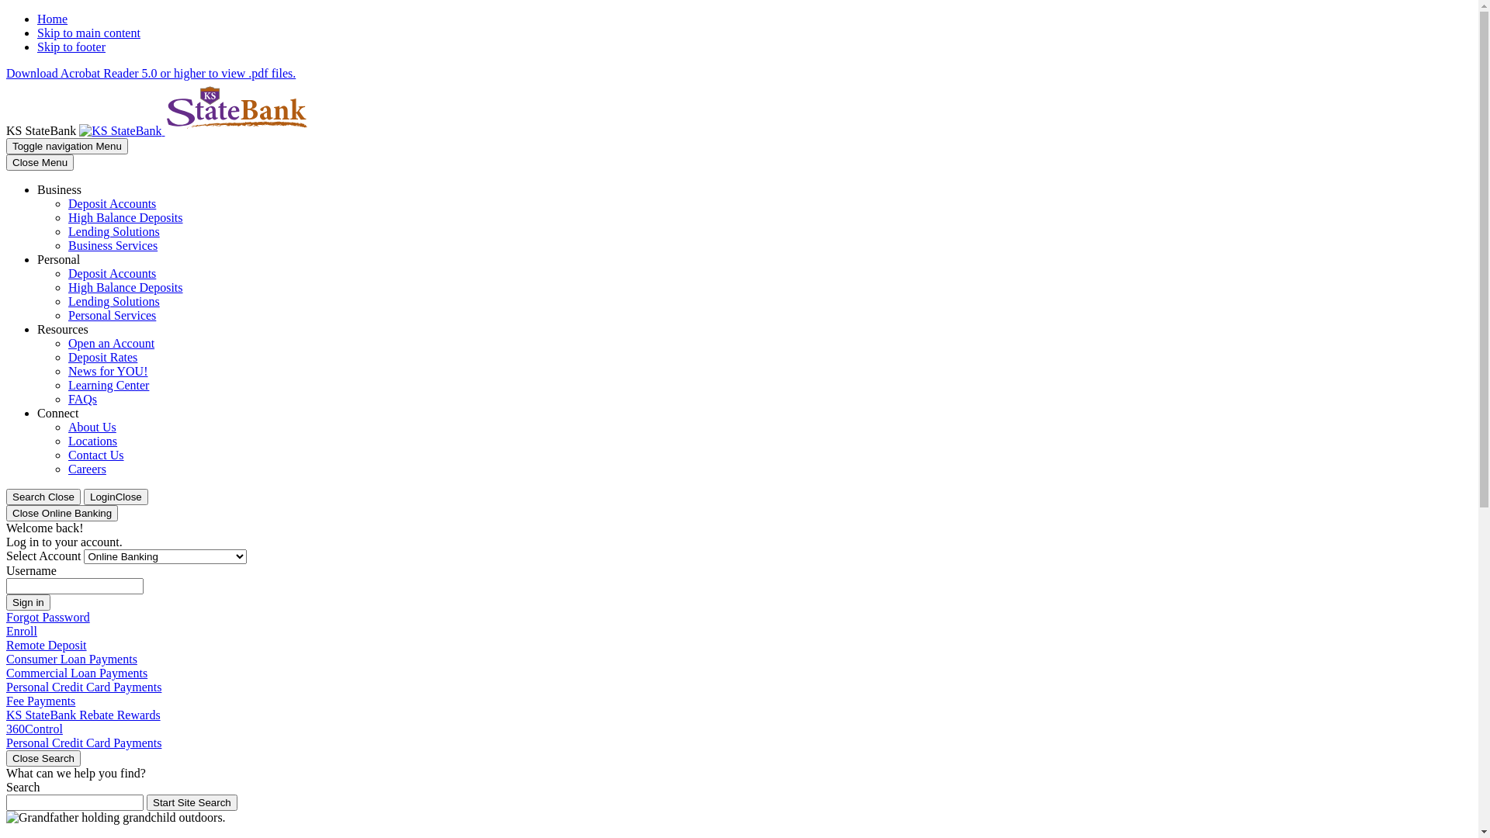  Describe the element at coordinates (6, 701) in the screenshot. I see `'Fee Payments'` at that location.